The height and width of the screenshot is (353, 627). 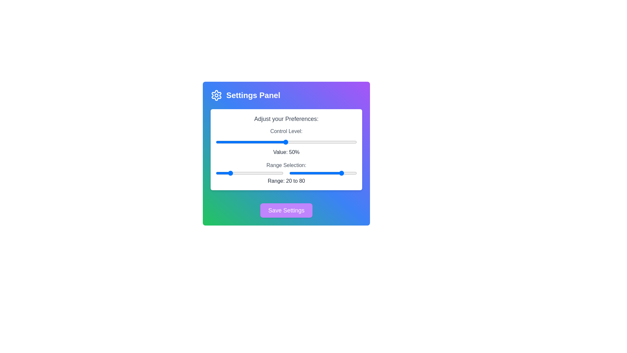 I want to click on the left slider of the Dual-range slider interface component, so click(x=286, y=173).